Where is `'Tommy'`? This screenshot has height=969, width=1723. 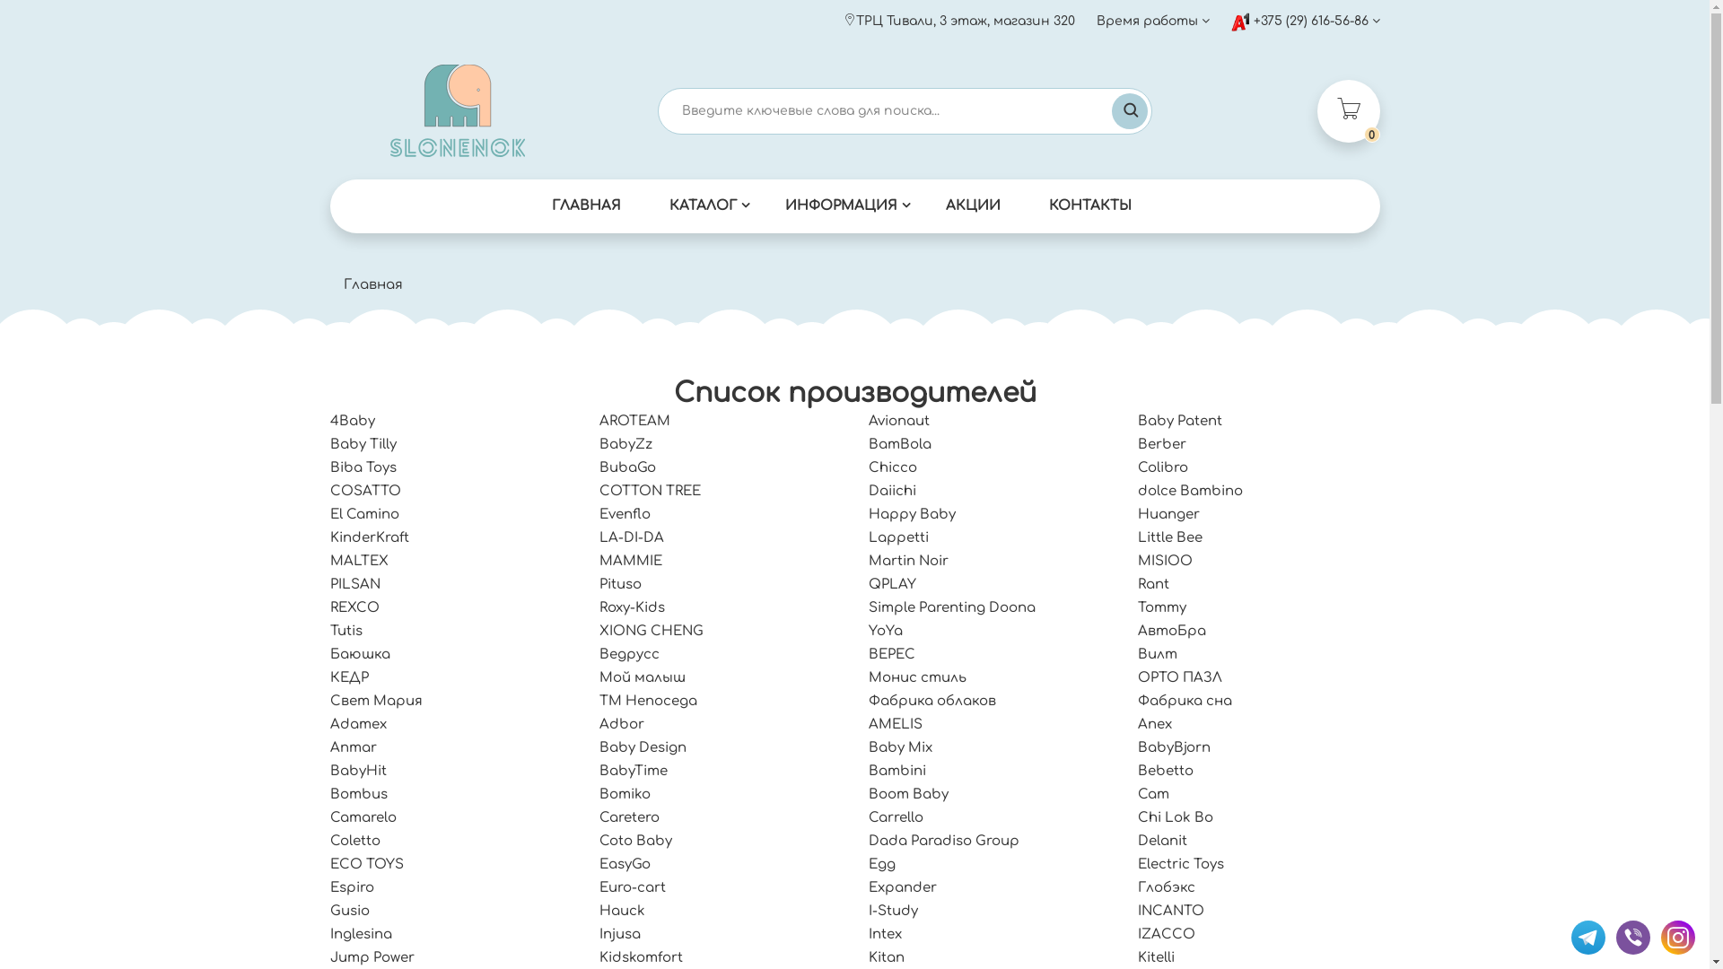 'Tommy' is located at coordinates (1162, 607).